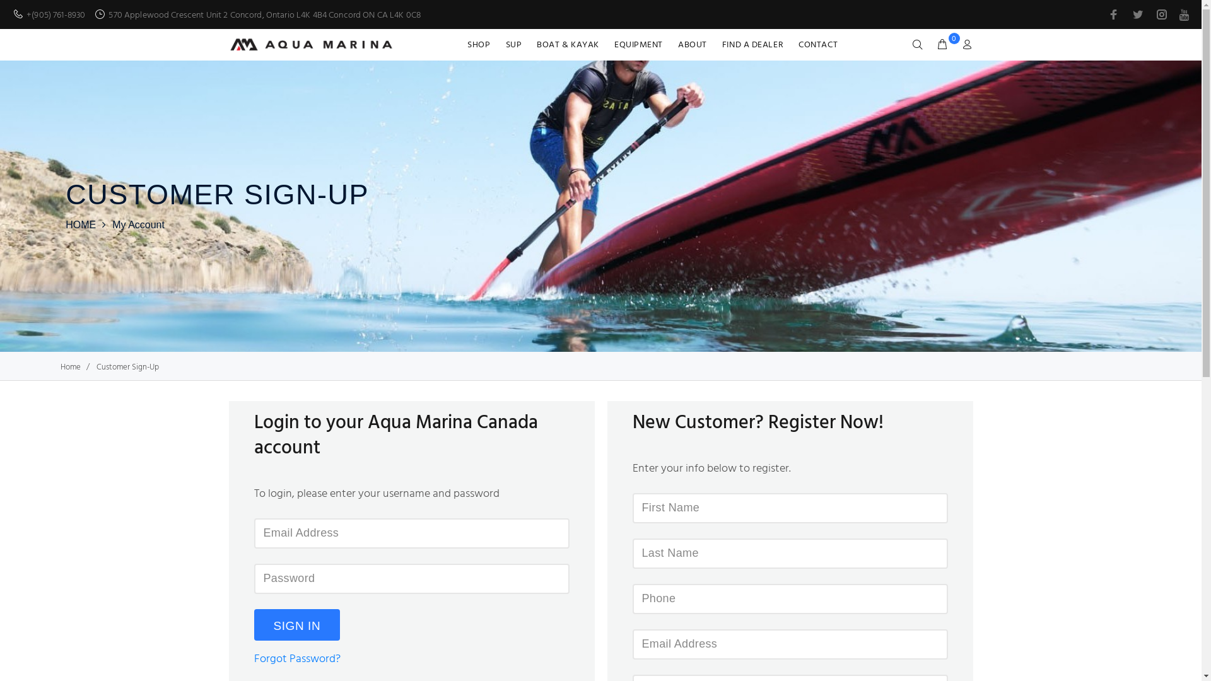 This screenshot has width=1211, height=681. Describe the element at coordinates (638, 44) in the screenshot. I see `'EQUIPMENT'` at that location.